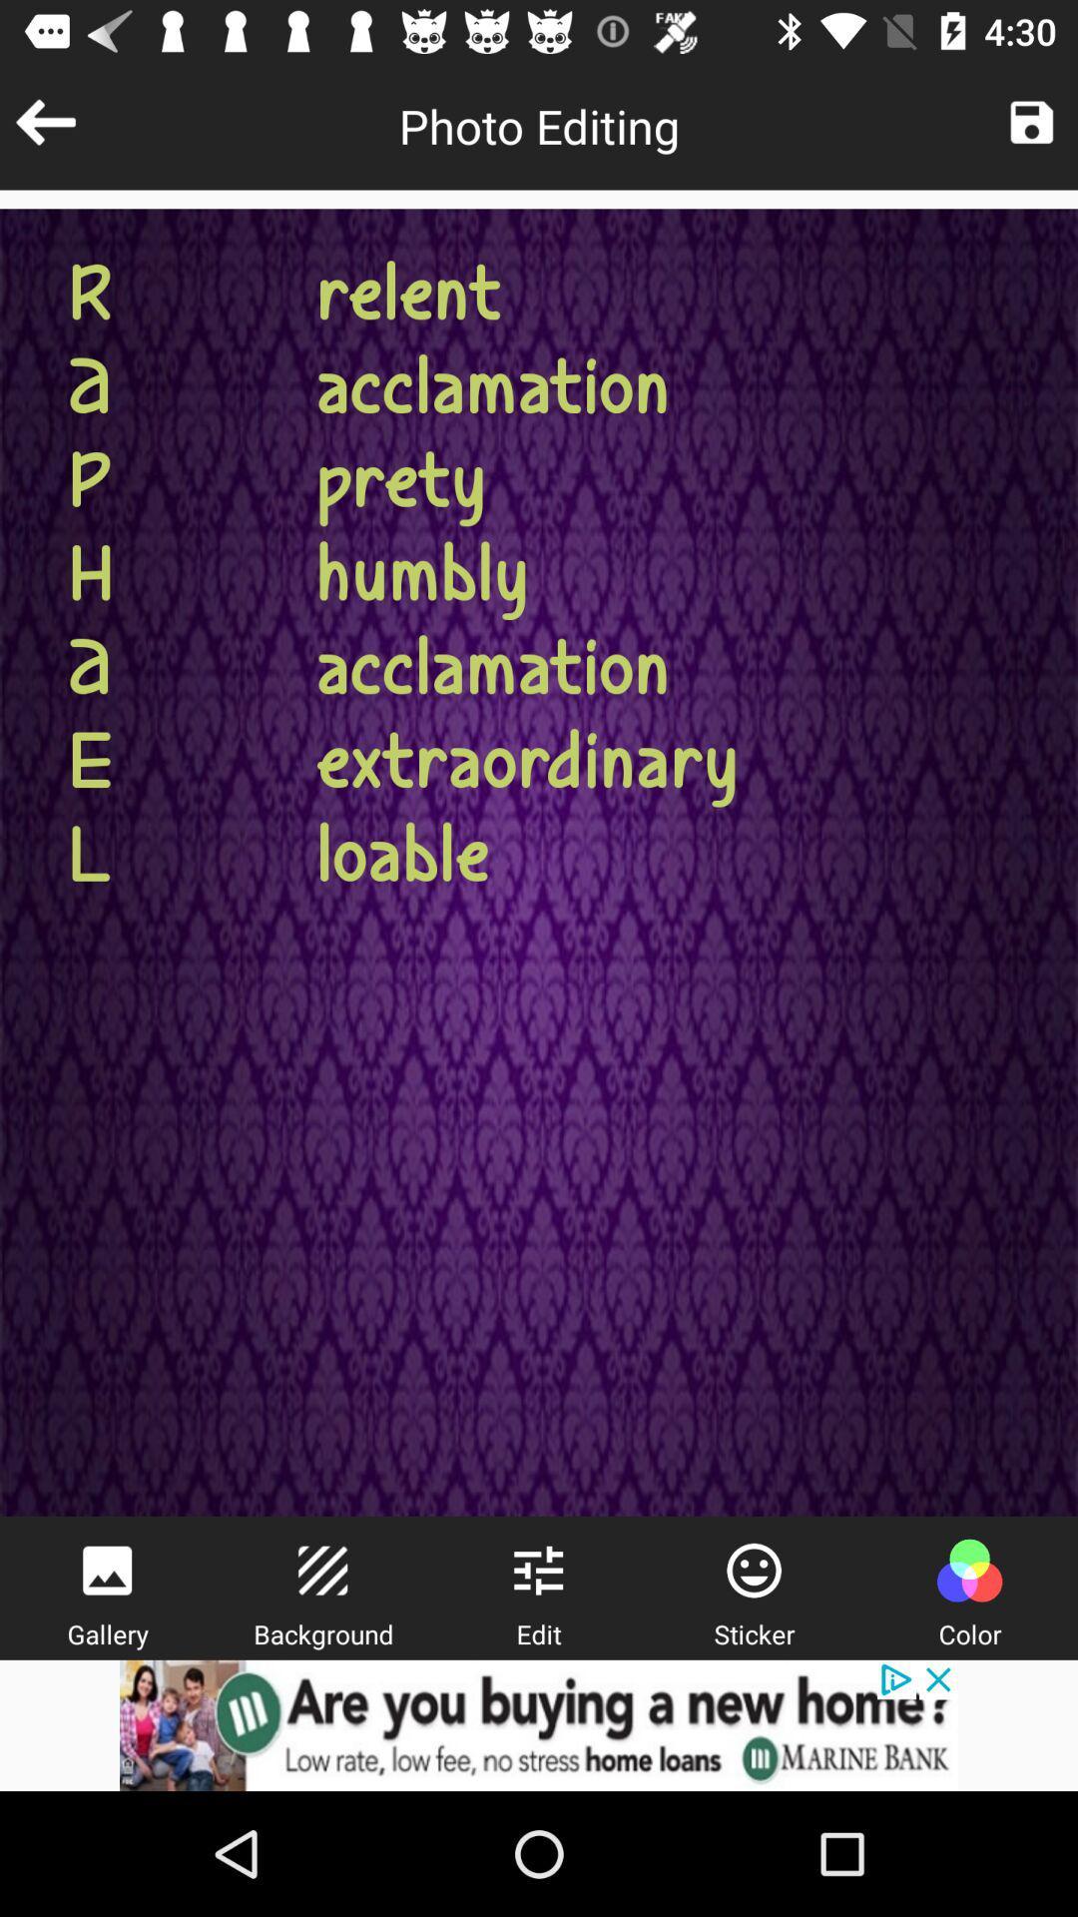 Image resolution: width=1078 pixels, height=1917 pixels. I want to click on background, so click(321, 1570).